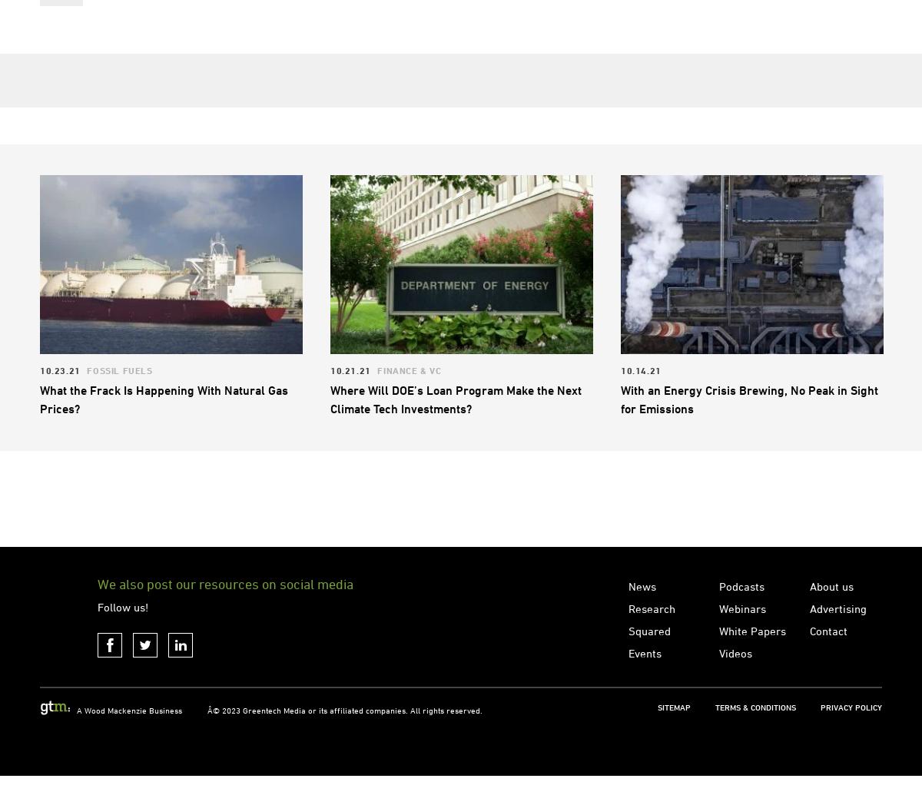  I want to click on 'Squared', so click(628, 694).